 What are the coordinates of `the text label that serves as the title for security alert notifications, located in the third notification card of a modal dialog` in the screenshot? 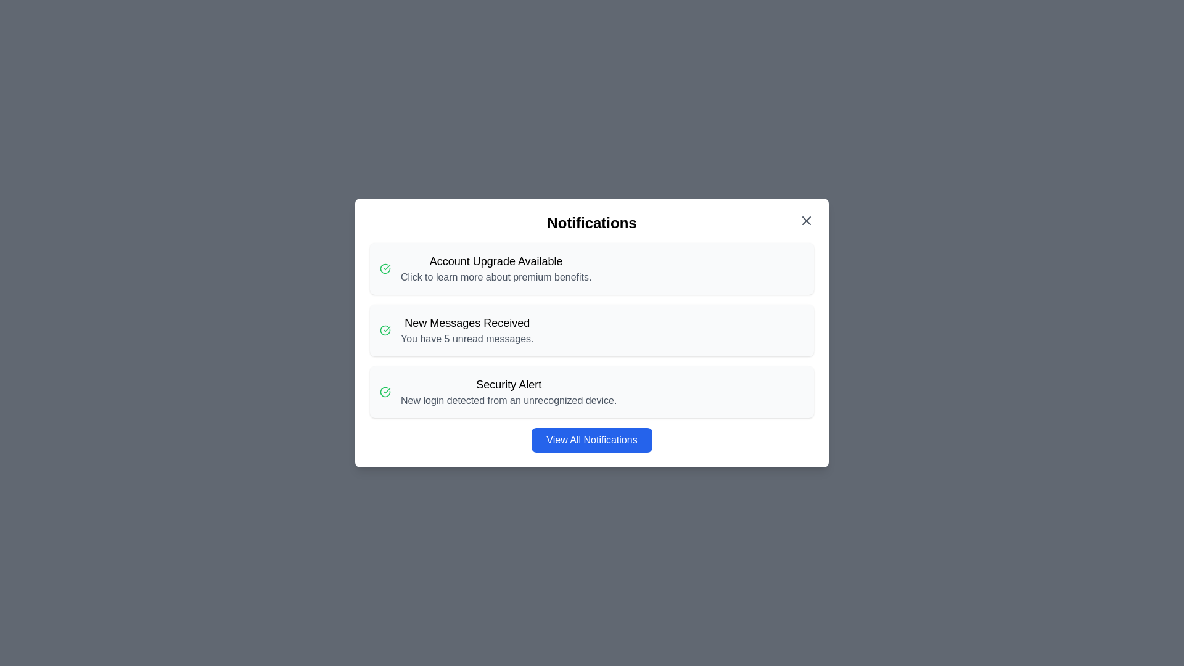 It's located at (509, 384).